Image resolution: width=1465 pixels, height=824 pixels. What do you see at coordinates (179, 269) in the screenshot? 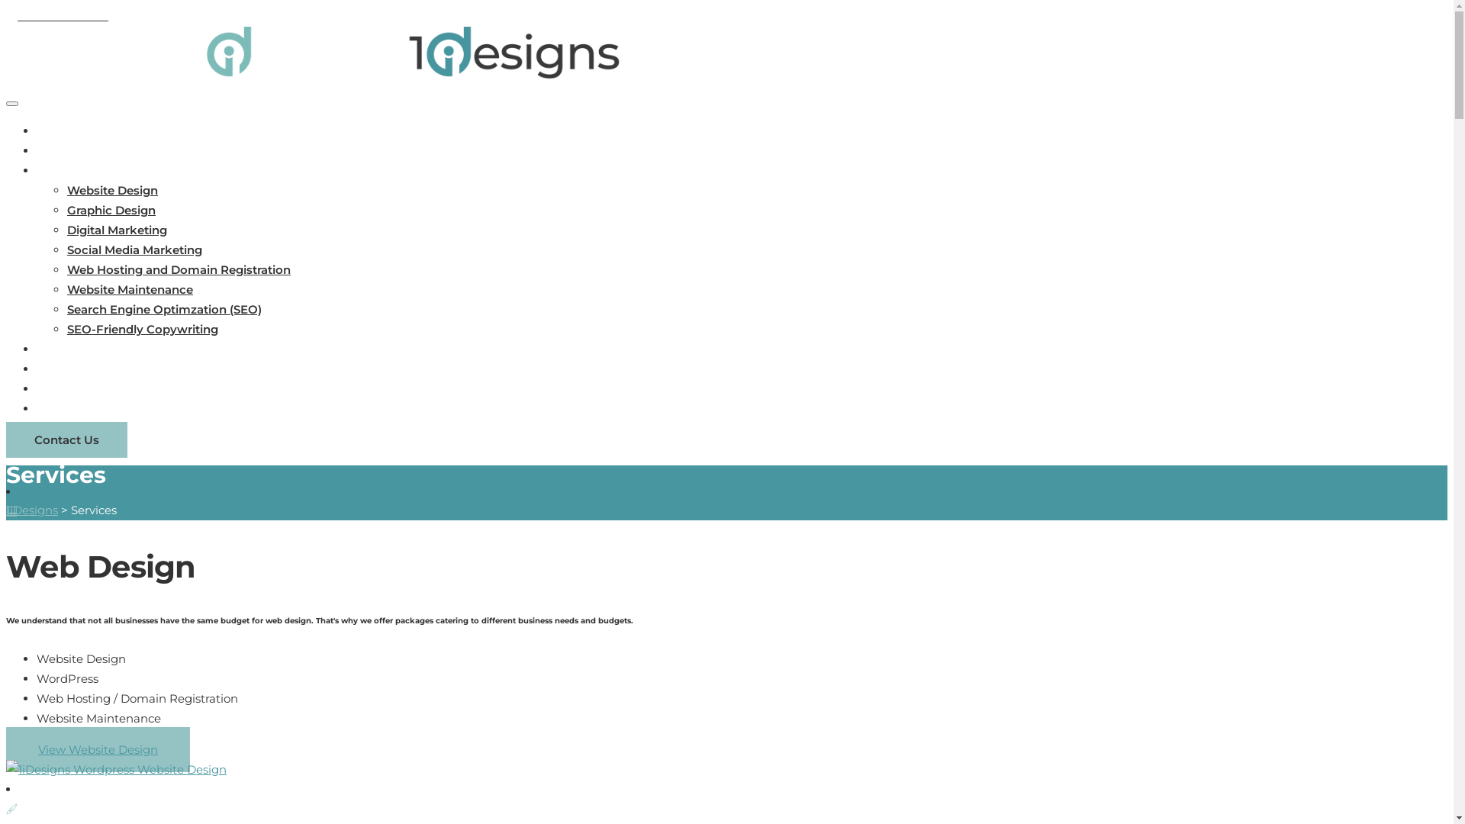
I see `'Web Hosting and Domain Registration'` at bounding box center [179, 269].